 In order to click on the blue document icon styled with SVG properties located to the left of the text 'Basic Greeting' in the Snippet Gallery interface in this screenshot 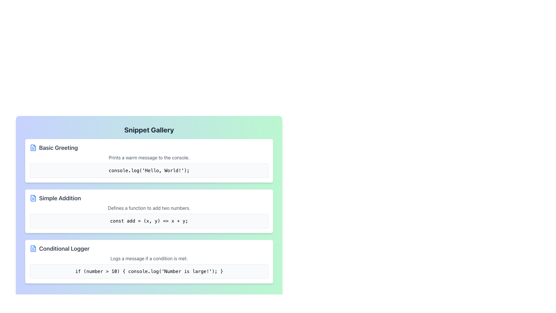, I will do `click(33, 147)`.